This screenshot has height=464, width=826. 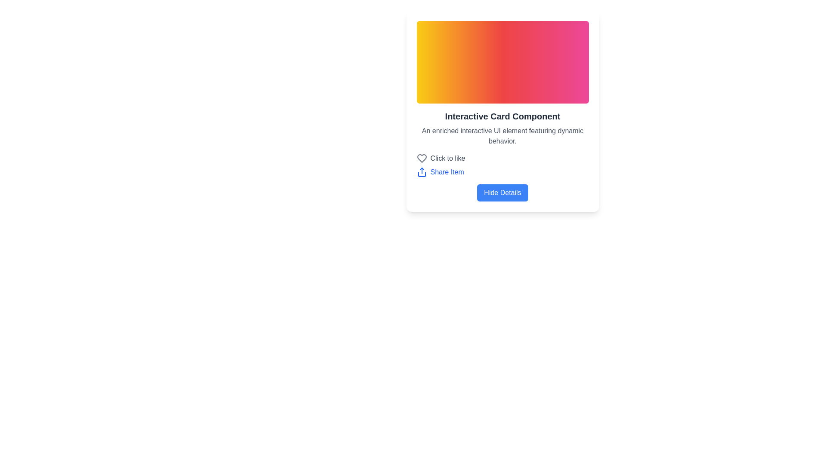 I want to click on the 'Hide Details' button, which is a blue rectangular button with rounded corners located at the bottom of the 'Interactive Card Component', below the 'Share Item' link, so click(x=502, y=192).